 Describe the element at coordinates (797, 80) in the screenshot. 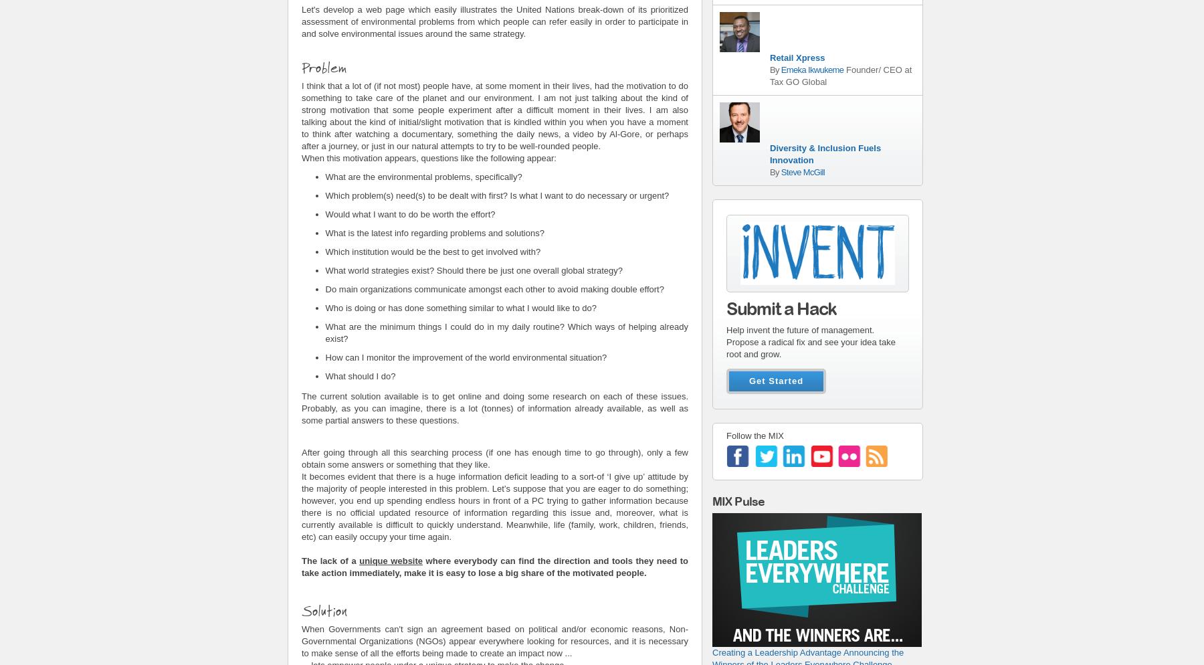

I see `'Tax GO Global'` at that location.